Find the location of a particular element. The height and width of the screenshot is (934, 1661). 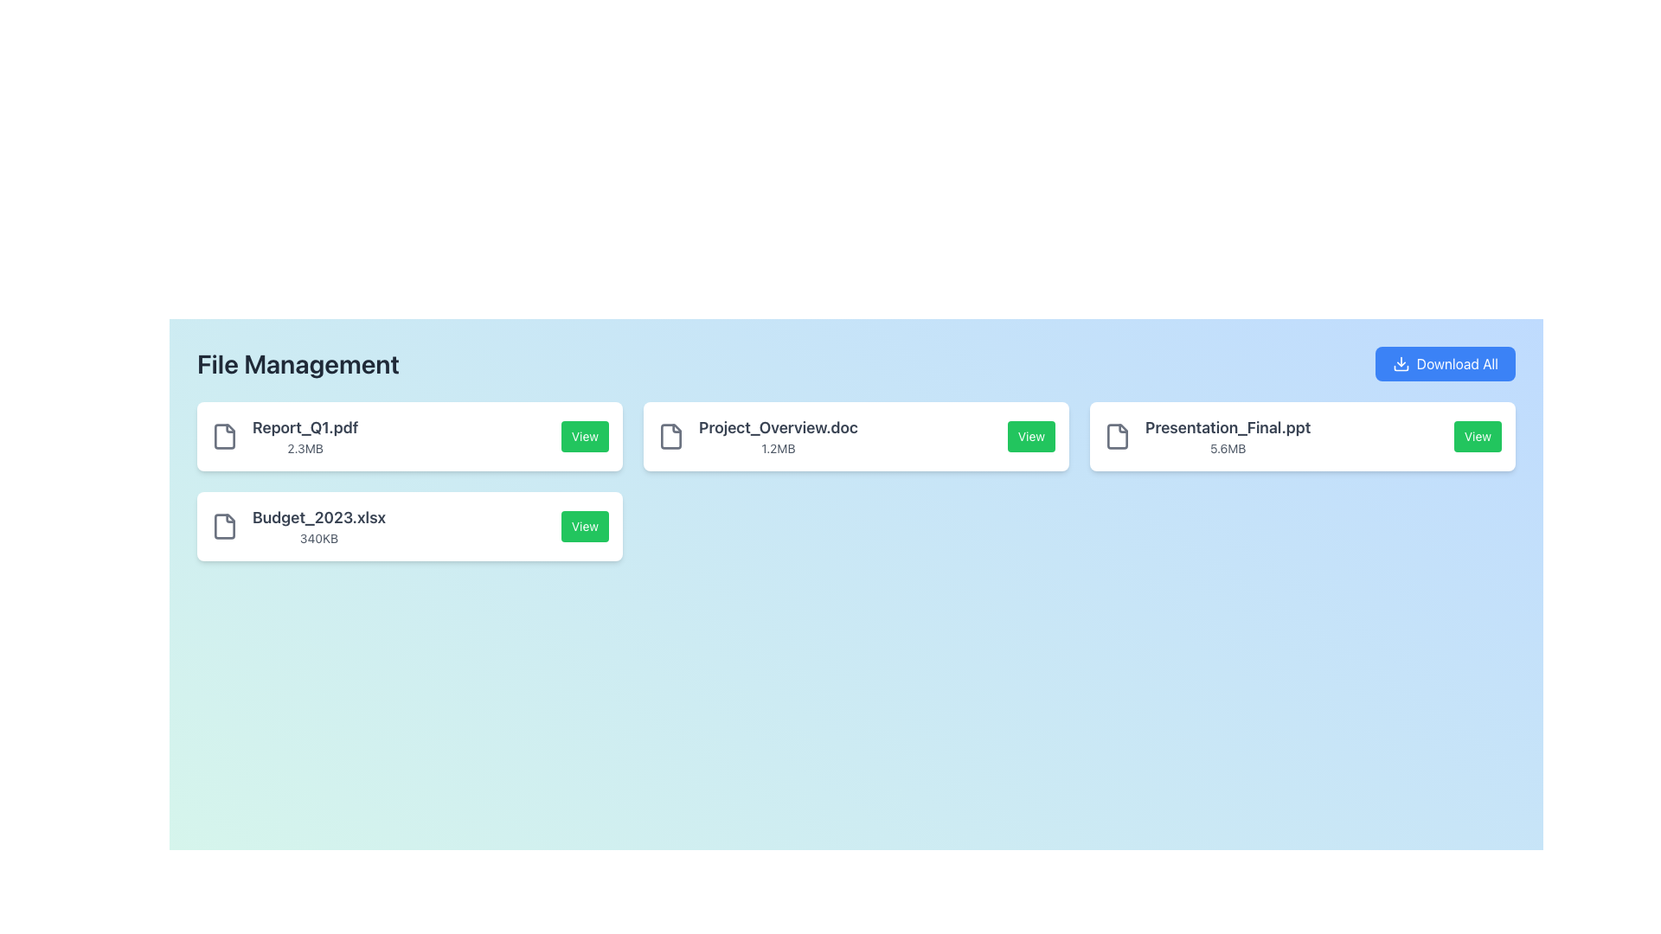

the Text Label displaying the file name 'Budget_2023.xlsx' is located at coordinates (319, 516).